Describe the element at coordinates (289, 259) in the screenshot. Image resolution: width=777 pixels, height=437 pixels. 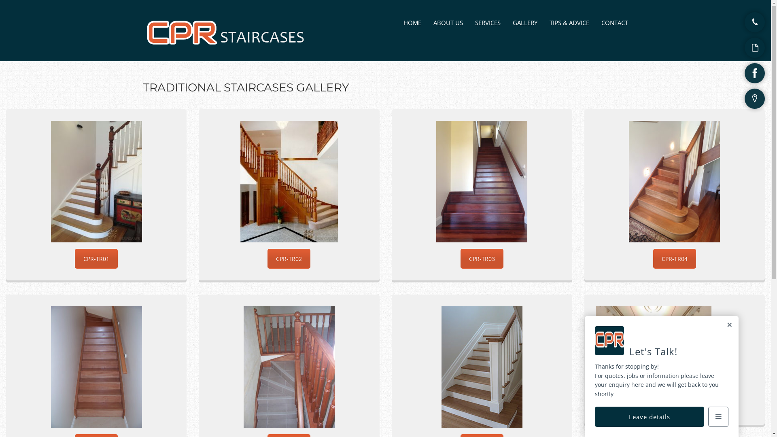
I see `'CPR-TR02'` at that location.